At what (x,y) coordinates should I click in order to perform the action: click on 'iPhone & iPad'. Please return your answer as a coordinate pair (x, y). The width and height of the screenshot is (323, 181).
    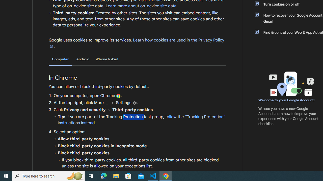
    Looking at the image, I should click on (107, 59).